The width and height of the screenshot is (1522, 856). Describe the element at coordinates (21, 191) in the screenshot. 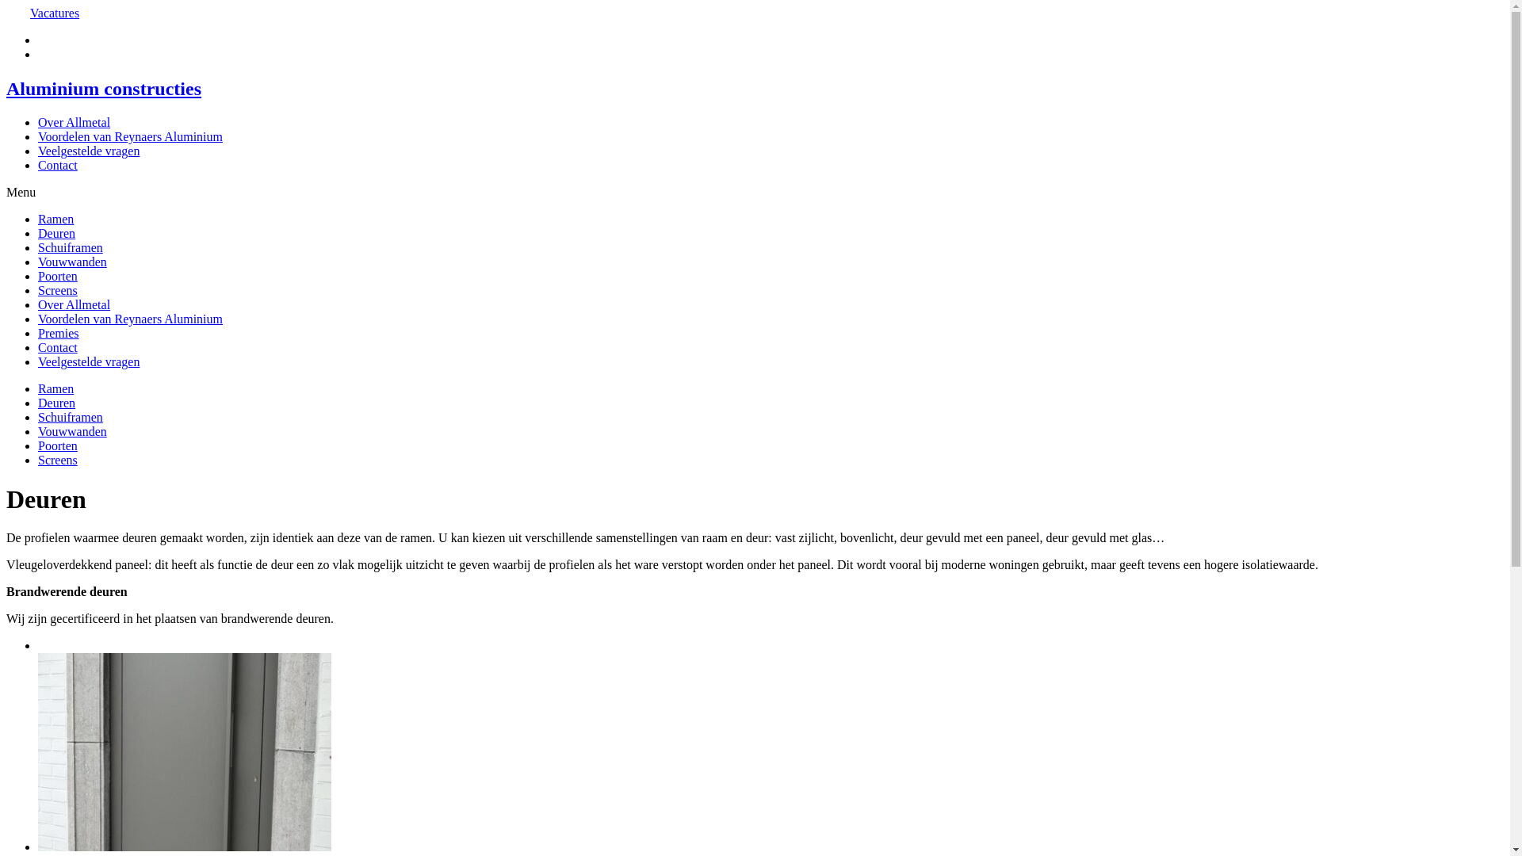

I see `'Menu'` at that location.